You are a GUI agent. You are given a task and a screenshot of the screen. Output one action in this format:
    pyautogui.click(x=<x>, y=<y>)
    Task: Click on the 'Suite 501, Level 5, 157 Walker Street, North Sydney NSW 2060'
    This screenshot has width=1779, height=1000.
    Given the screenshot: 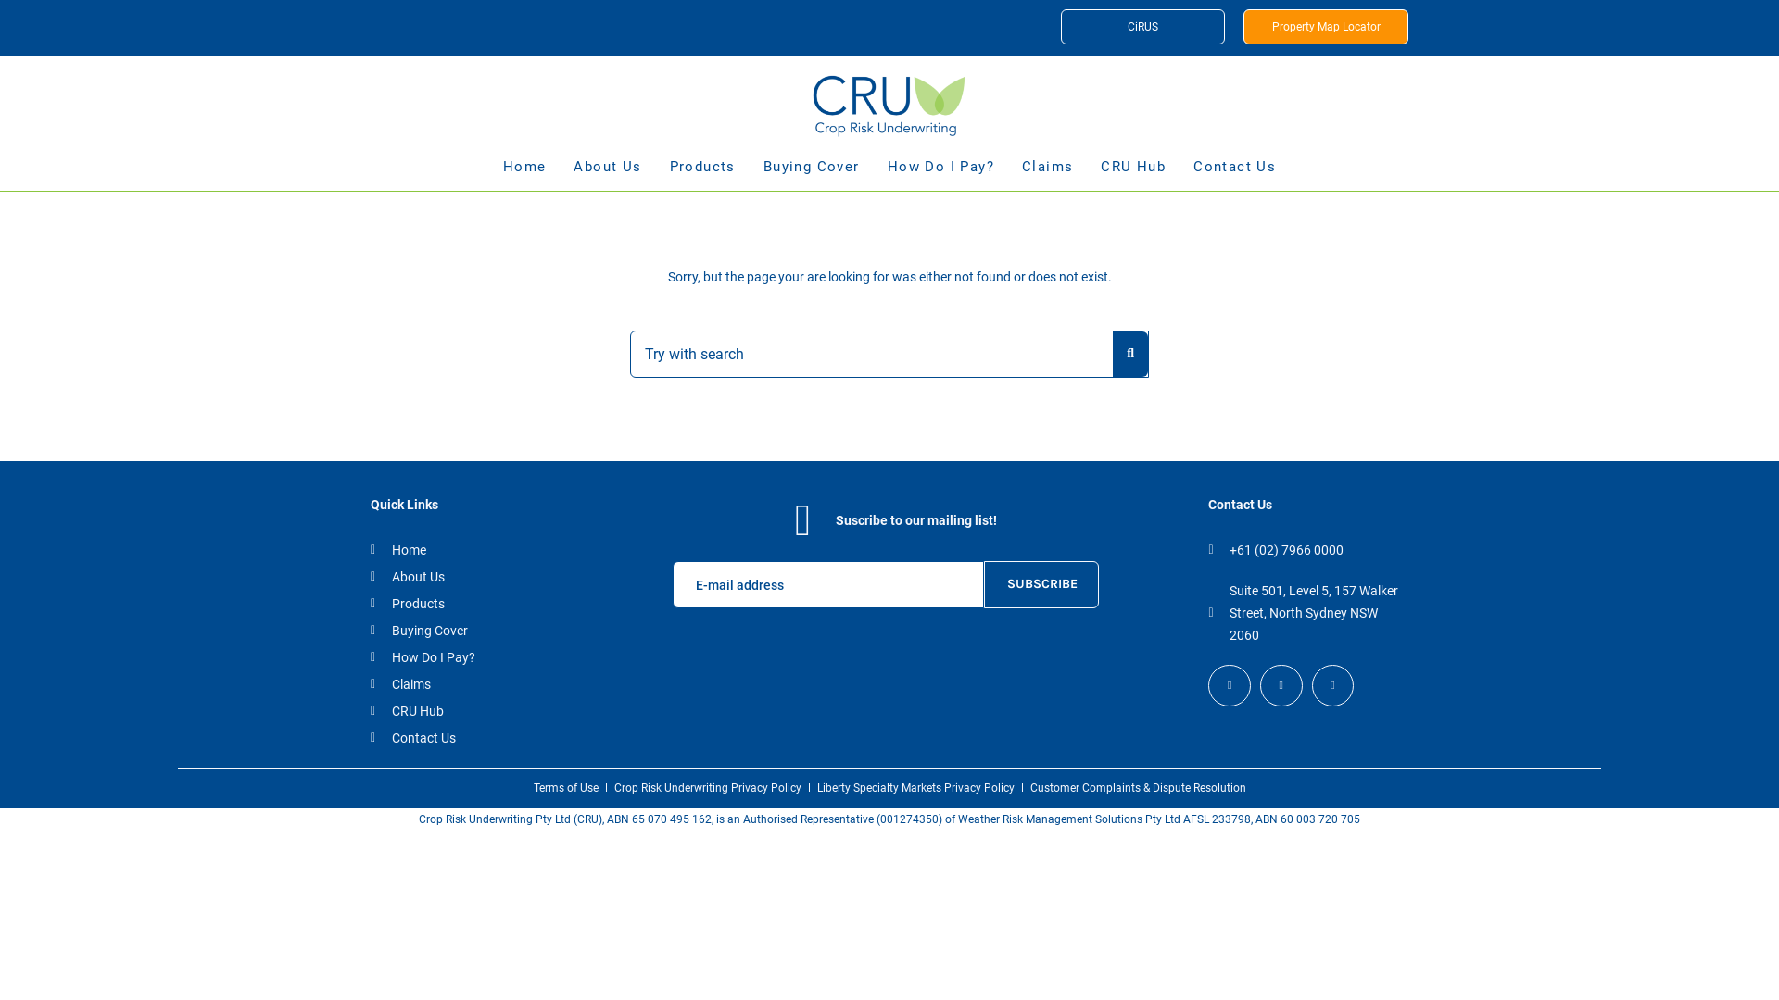 What is the action you would take?
    pyautogui.click(x=1303, y=613)
    